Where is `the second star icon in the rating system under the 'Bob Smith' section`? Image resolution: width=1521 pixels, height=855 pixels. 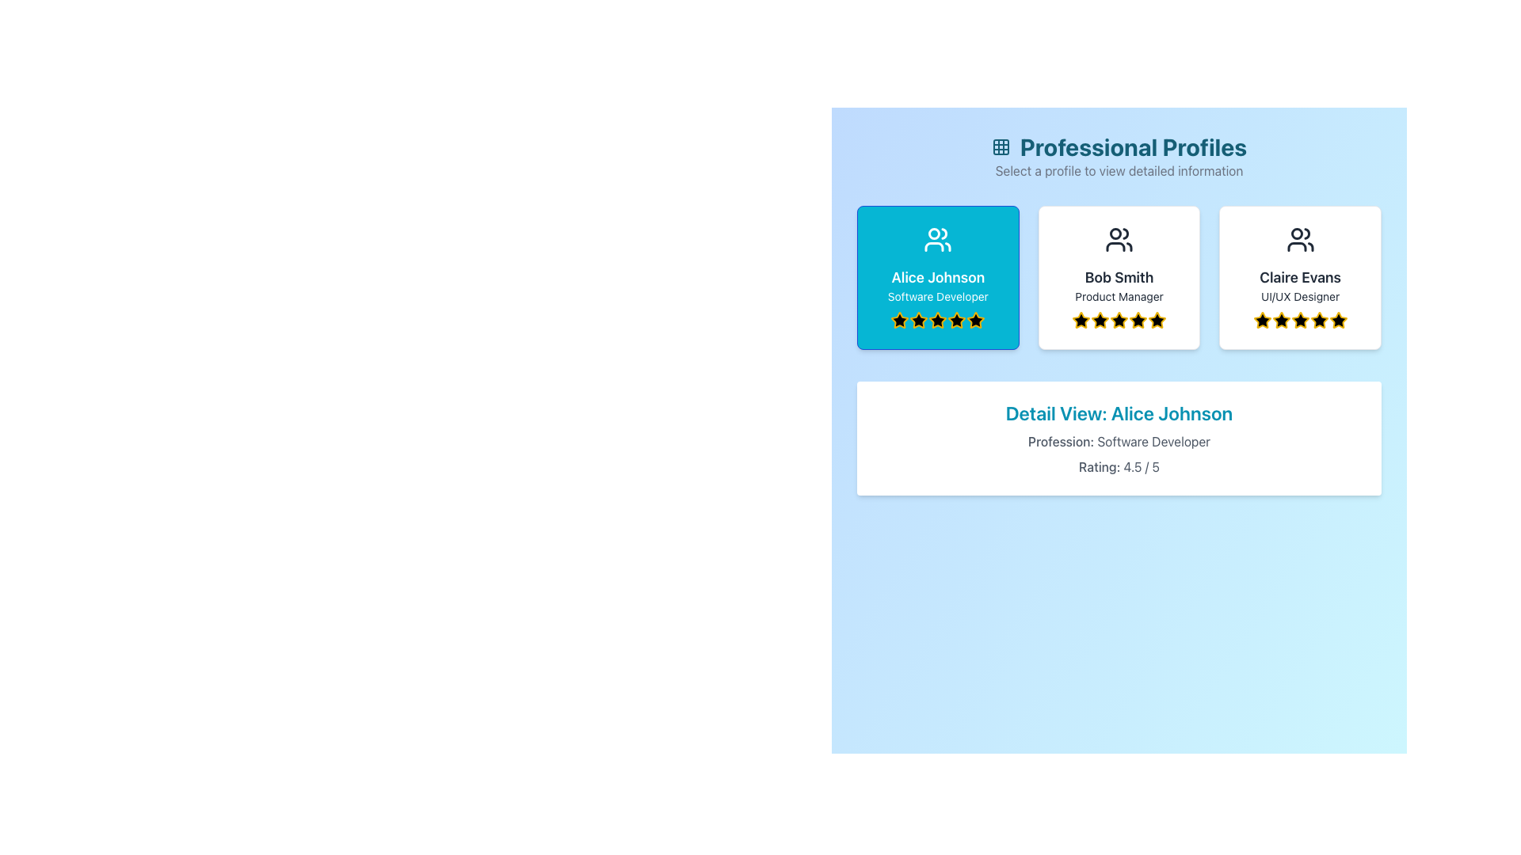
the second star icon in the rating system under the 'Bob Smith' section is located at coordinates (1157, 320).